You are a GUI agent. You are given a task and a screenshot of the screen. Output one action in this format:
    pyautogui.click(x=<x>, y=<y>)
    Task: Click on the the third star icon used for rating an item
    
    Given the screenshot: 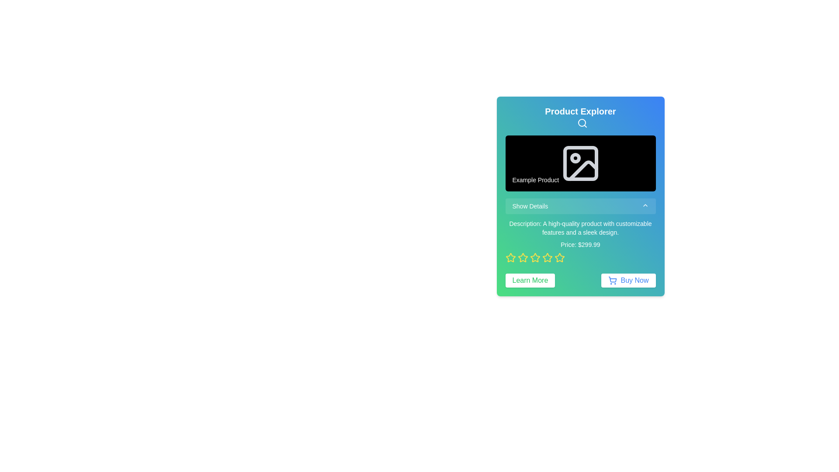 What is the action you would take?
    pyautogui.click(x=547, y=257)
    